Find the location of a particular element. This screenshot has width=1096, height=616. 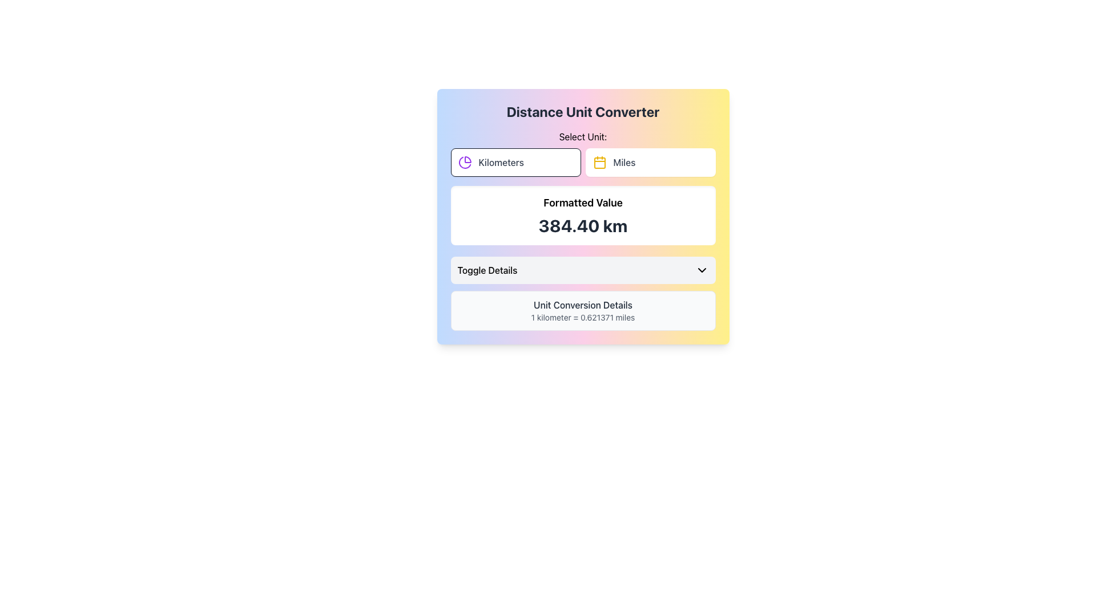

the purple pie chart icon located within the 'Kilometers' button, positioned immediately before the text label 'Kilometers' is located at coordinates (465, 163).